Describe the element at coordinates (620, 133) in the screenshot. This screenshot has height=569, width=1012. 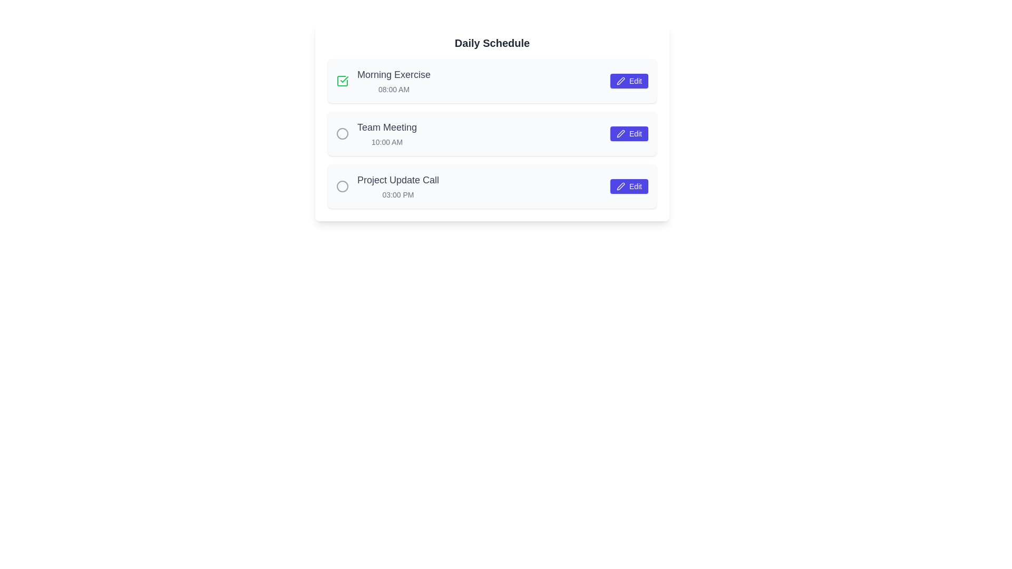
I see `the 'Edit' icon associated with the 'Team Meeting' entry` at that location.